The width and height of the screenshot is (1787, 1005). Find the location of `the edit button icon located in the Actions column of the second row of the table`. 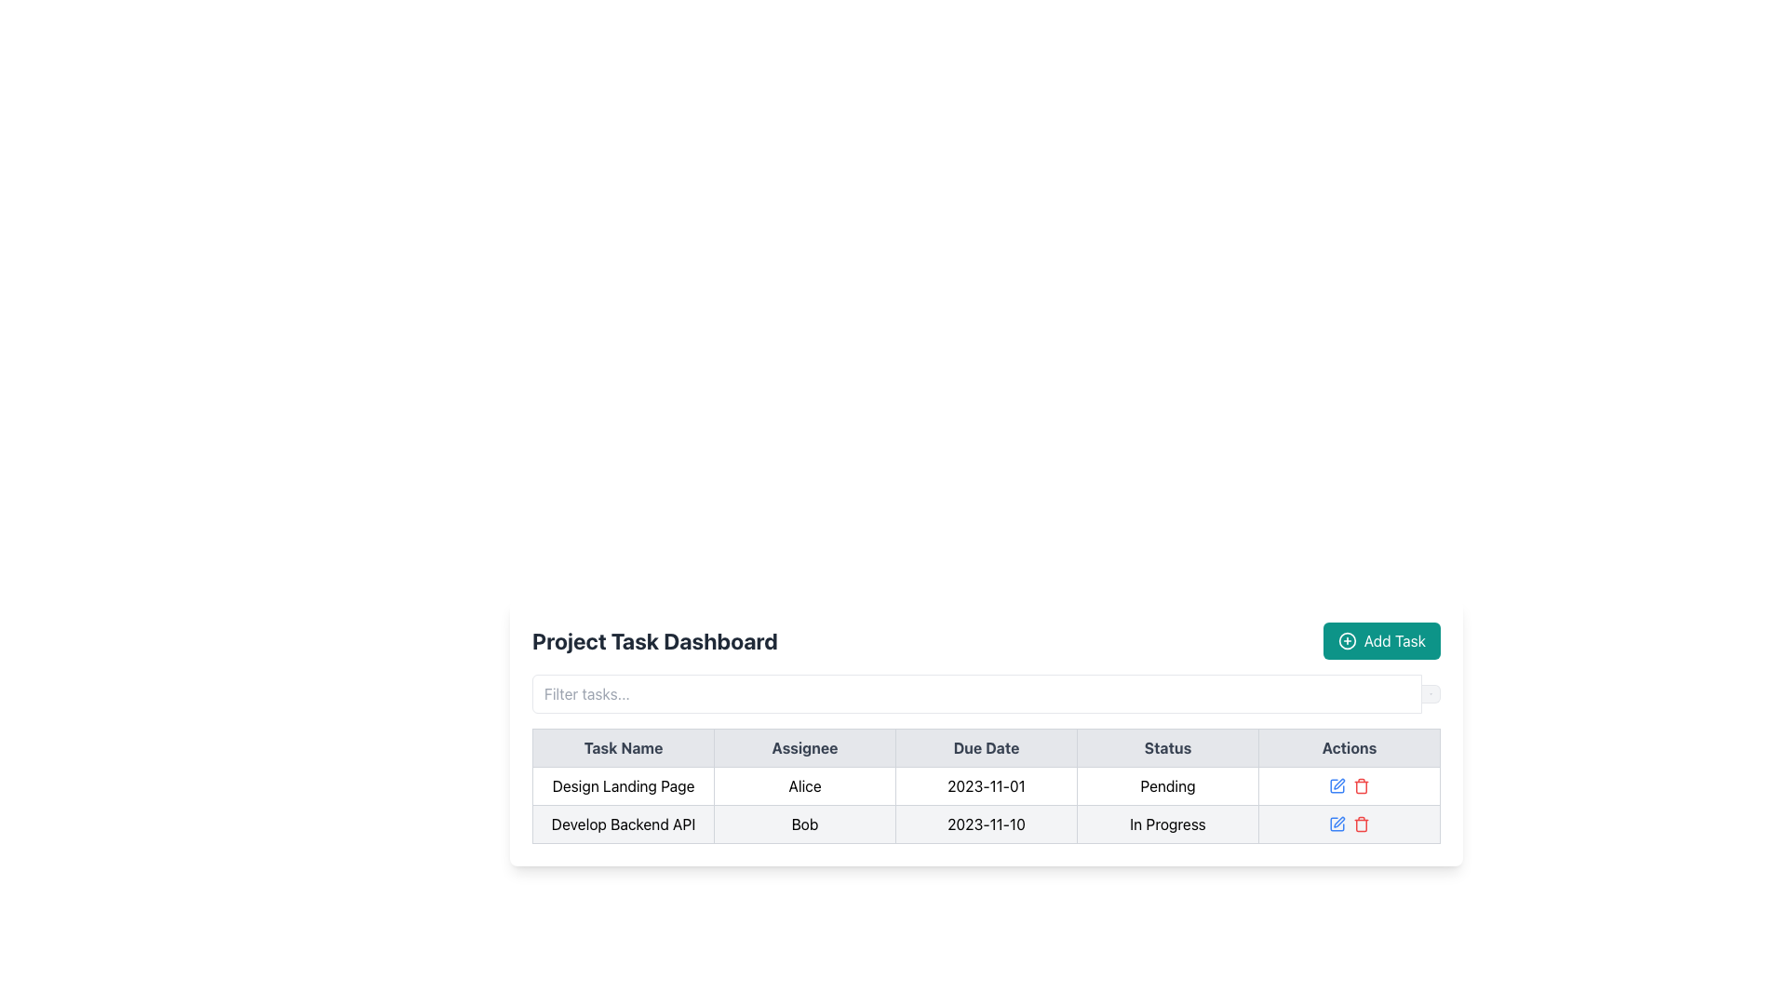

the edit button icon located in the Actions column of the second row of the table is located at coordinates (1336, 785).